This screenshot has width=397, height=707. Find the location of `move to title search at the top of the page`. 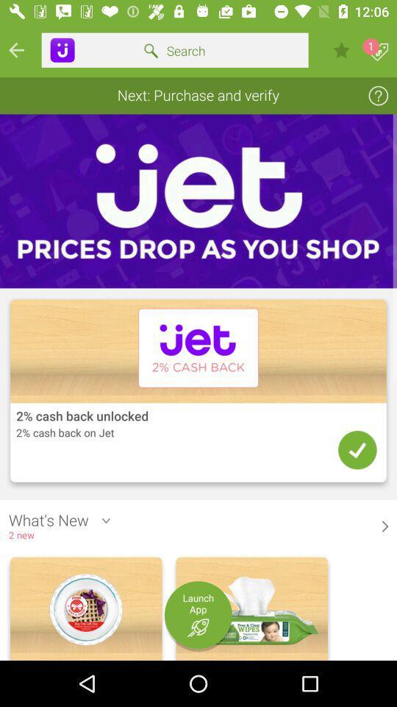

move to title search at the top of the page is located at coordinates (175, 51).